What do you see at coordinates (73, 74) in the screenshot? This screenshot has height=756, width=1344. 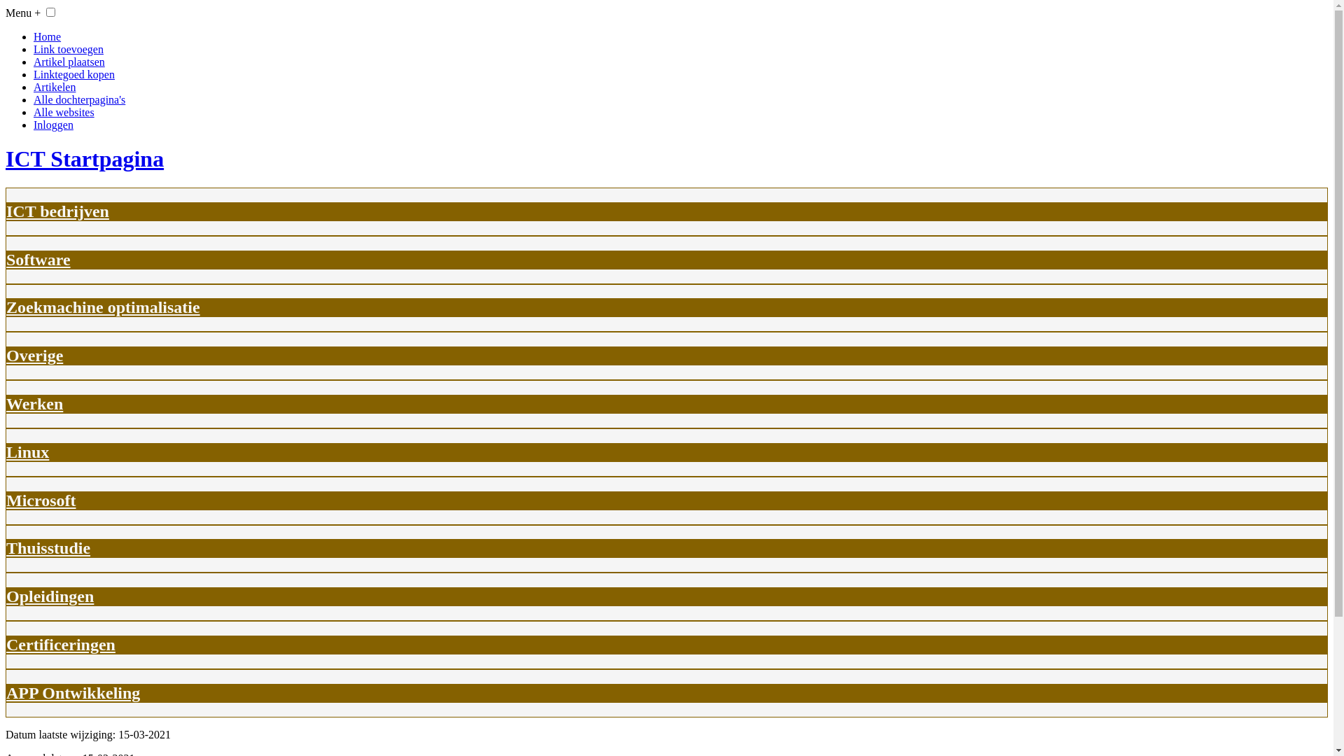 I see `'Linktegoed kopen'` at bounding box center [73, 74].